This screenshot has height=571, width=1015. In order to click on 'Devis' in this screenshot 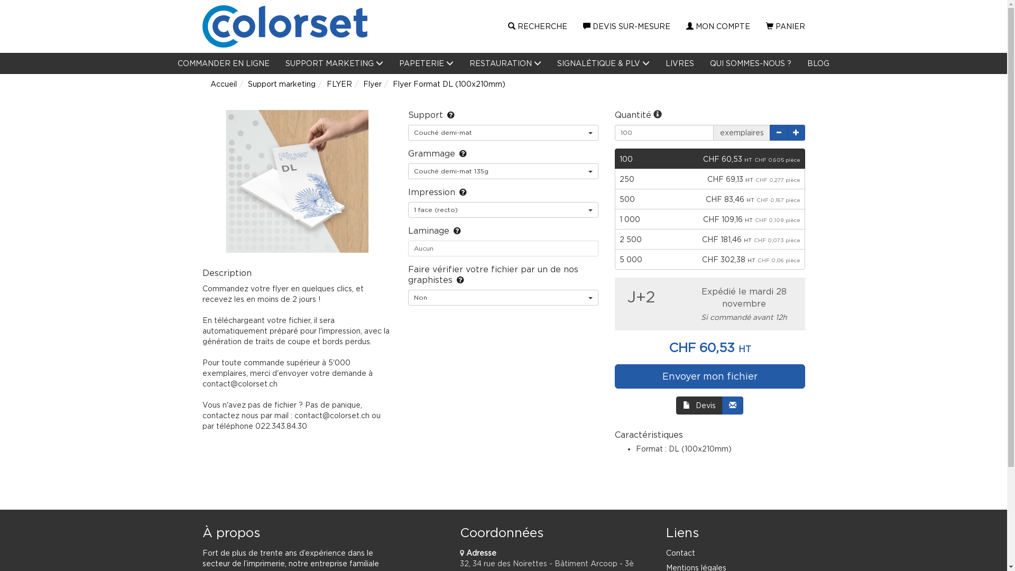, I will do `click(699, 405)`.